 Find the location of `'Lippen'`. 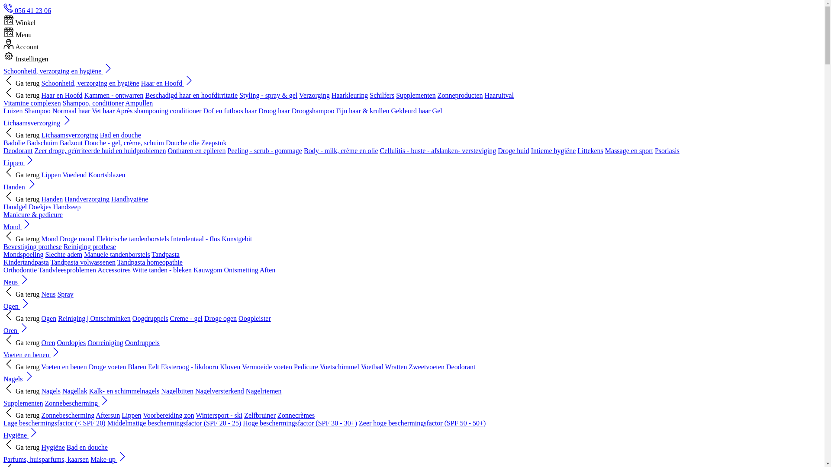

'Lippen' is located at coordinates (19, 163).